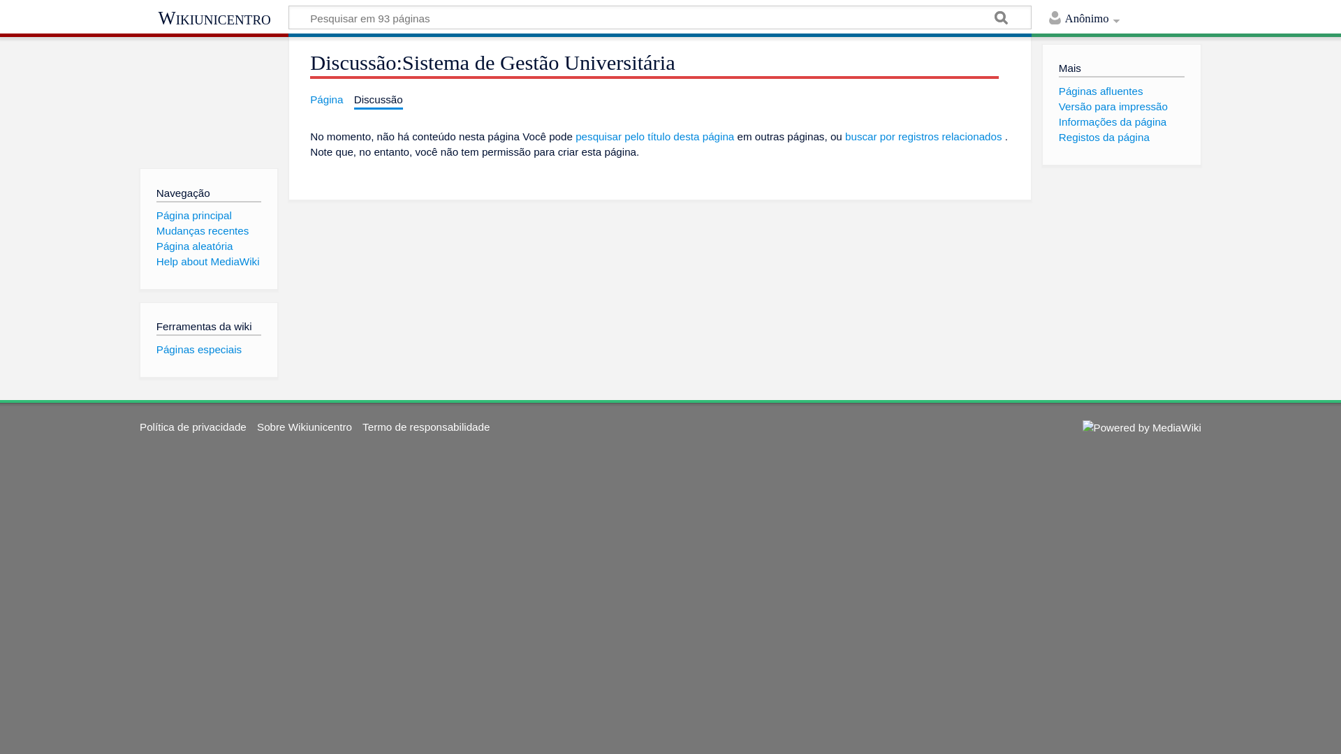 The image size is (1341, 754). I want to click on 'Help about MediaWiki', so click(207, 261).